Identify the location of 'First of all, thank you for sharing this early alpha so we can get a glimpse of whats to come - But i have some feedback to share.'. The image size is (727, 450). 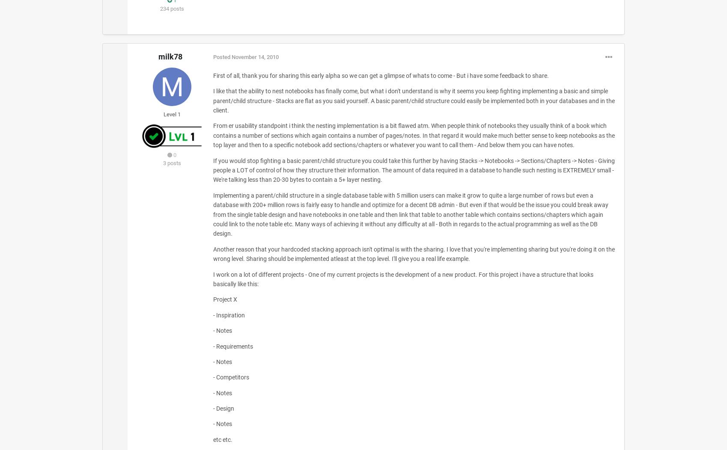
(381, 74).